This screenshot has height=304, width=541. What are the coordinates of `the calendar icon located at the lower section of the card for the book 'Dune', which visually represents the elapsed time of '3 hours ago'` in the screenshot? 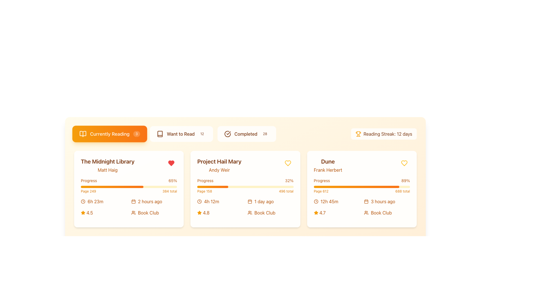 It's located at (366, 201).